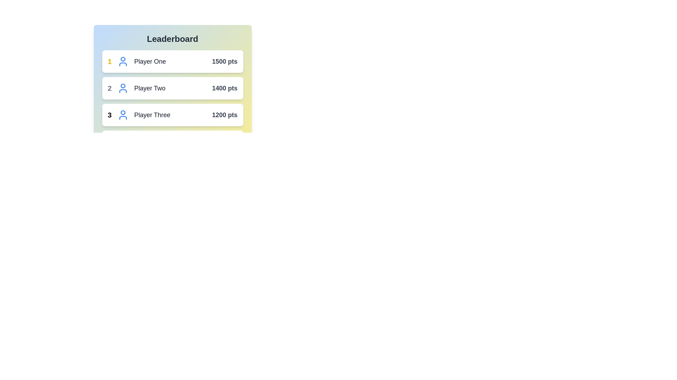  I want to click on the score of player Player Two to select it, so click(224, 88).